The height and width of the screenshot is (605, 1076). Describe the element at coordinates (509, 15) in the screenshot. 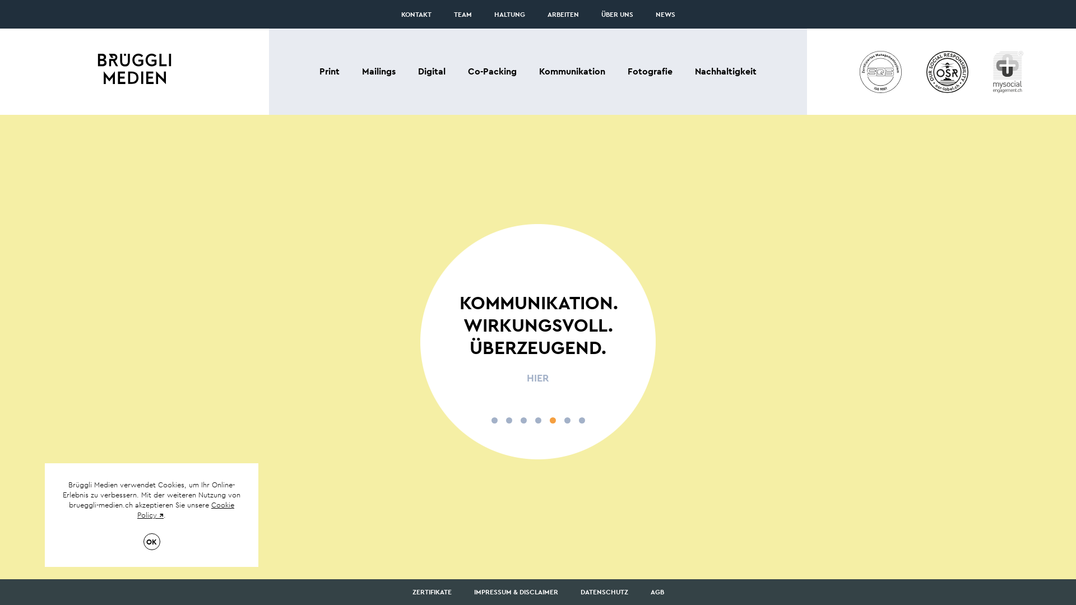

I see `'HALTUNG'` at that location.